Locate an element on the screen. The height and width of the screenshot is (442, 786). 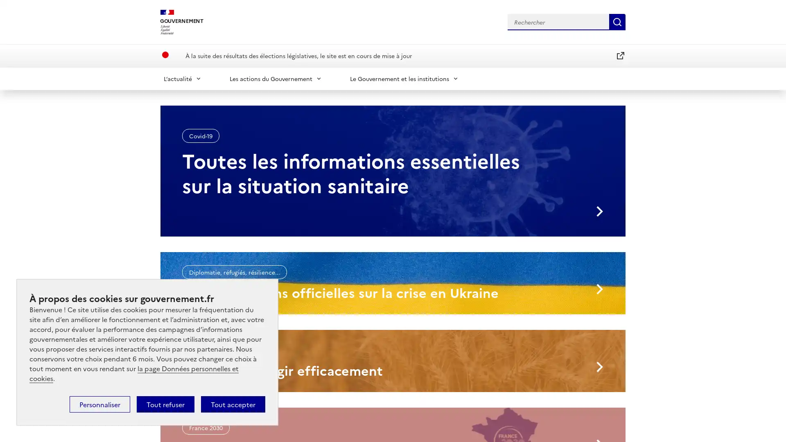
Tout accepter is located at coordinates (233, 404).